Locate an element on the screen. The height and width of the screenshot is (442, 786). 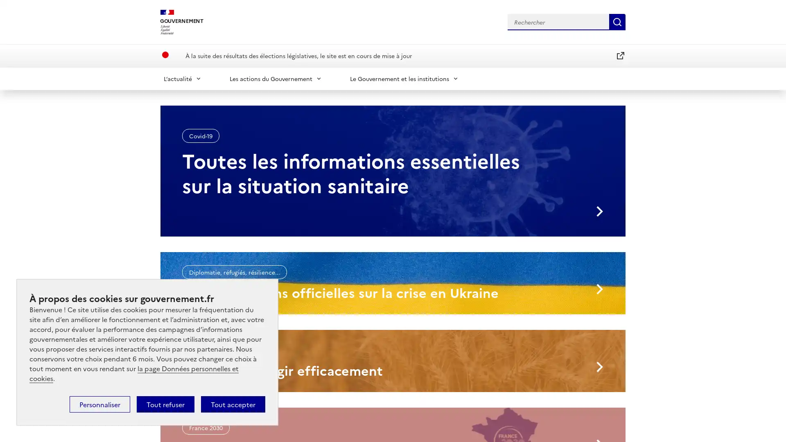
Tout accepter is located at coordinates (233, 404).